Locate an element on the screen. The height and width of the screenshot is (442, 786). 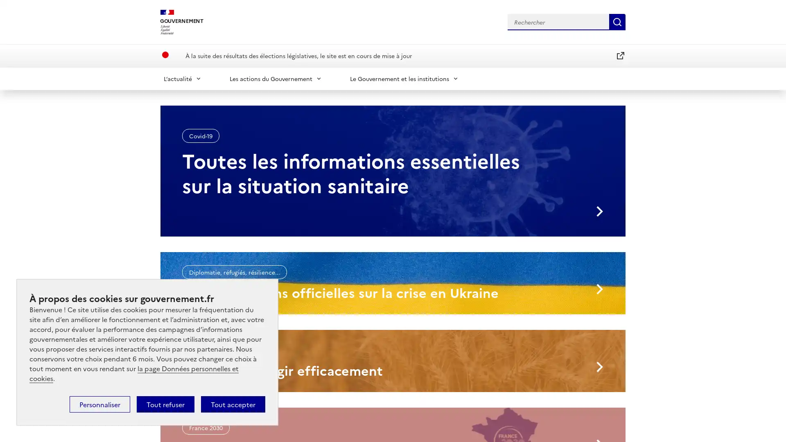
Tout accepter is located at coordinates (233, 404).